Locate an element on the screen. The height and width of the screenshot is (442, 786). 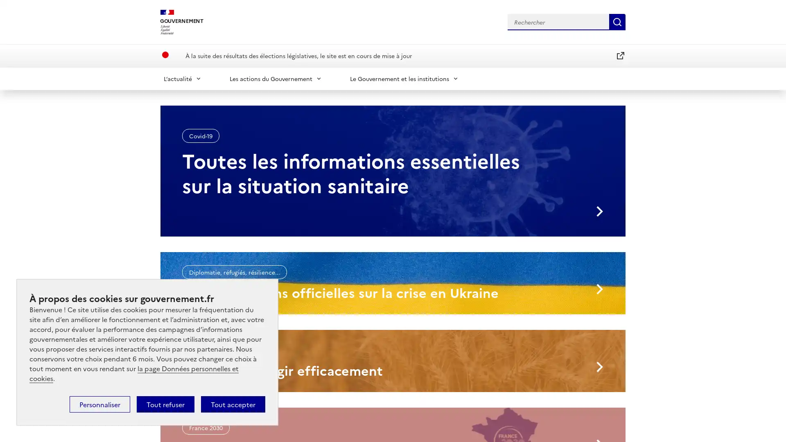
Tout accepter is located at coordinates (233, 404).